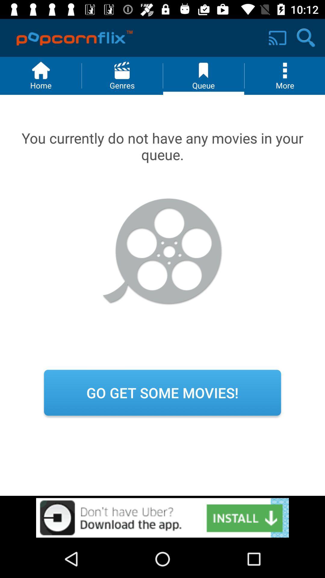 The width and height of the screenshot is (325, 578). Describe the element at coordinates (277, 38) in the screenshot. I see `icon which is left side of search button` at that location.